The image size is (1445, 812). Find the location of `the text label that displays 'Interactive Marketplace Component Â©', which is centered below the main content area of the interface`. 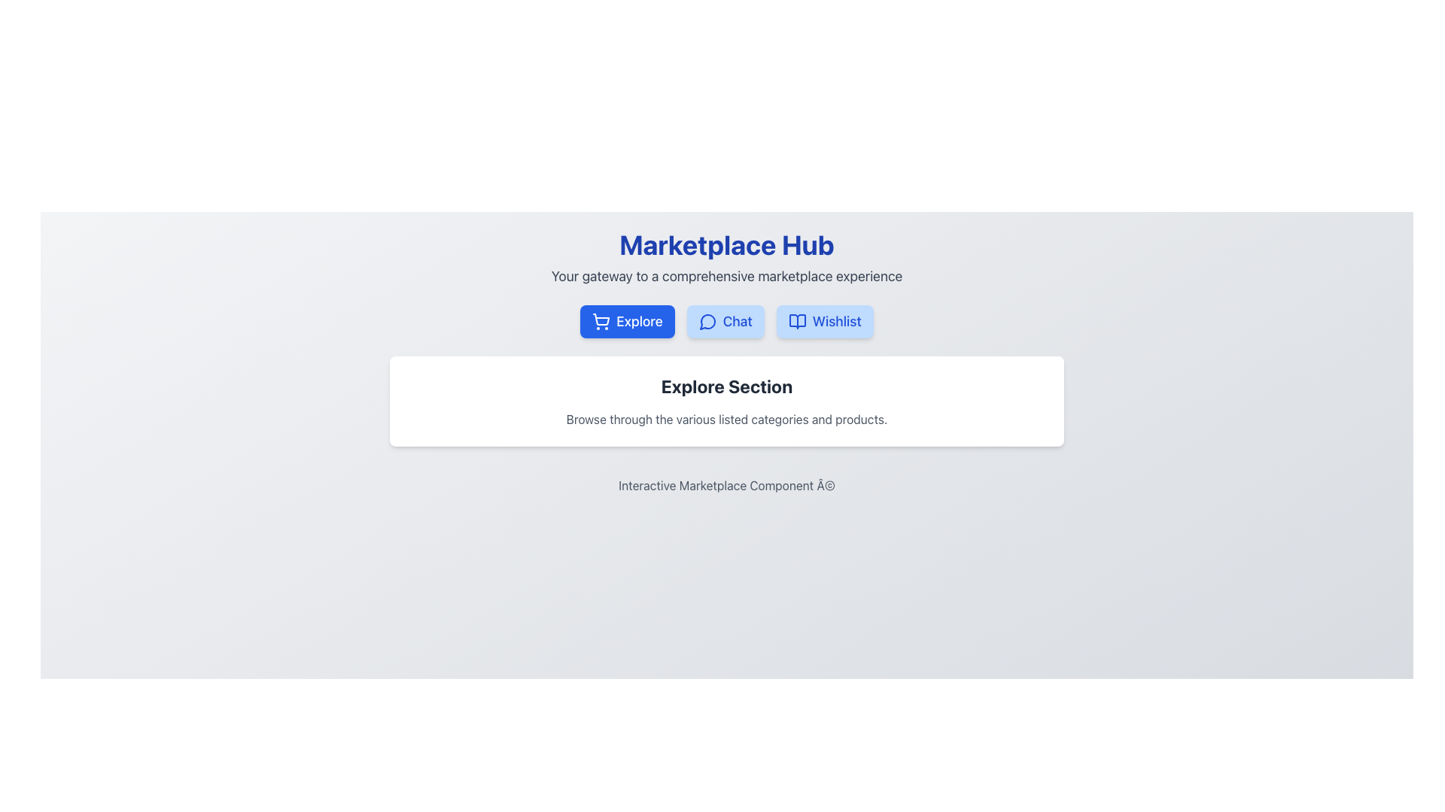

the text label that displays 'Interactive Marketplace Component Â©', which is centered below the main content area of the interface is located at coordinates (726, 485).